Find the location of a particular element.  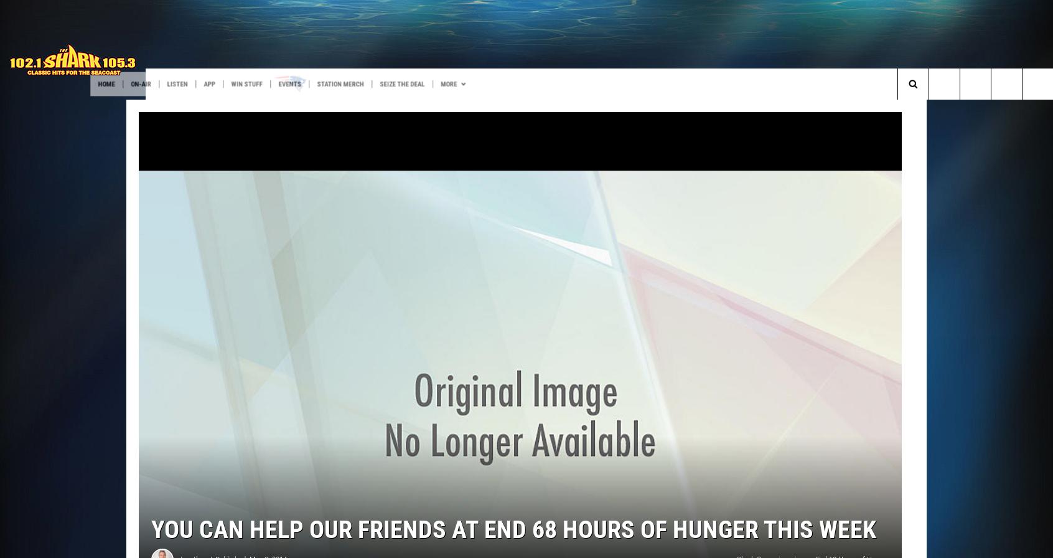

'On-Air' is located at coordinates (210, 84).